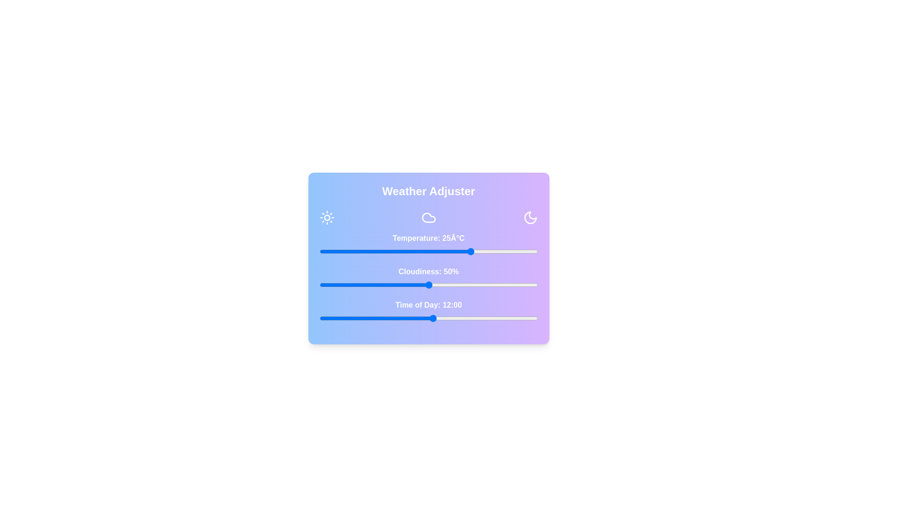 The image size is (904, 508). What do you see at coordinates (376, 284) in the screenshot?
I see `the cloudiness level` at bounding box center [376, 284].